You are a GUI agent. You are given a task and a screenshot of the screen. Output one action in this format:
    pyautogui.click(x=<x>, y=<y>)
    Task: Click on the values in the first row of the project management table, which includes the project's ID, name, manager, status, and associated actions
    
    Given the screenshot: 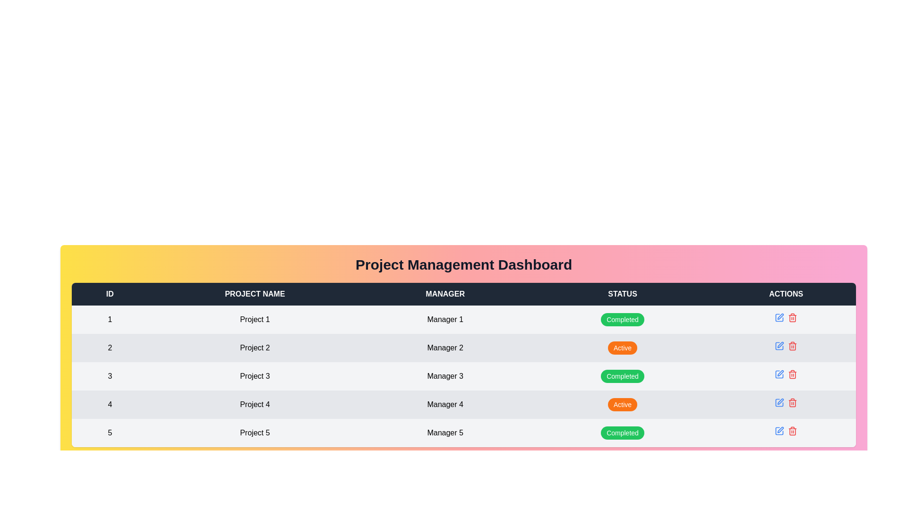 What is the action you would take?
    pyautogui.click(x=464, y=319)
    